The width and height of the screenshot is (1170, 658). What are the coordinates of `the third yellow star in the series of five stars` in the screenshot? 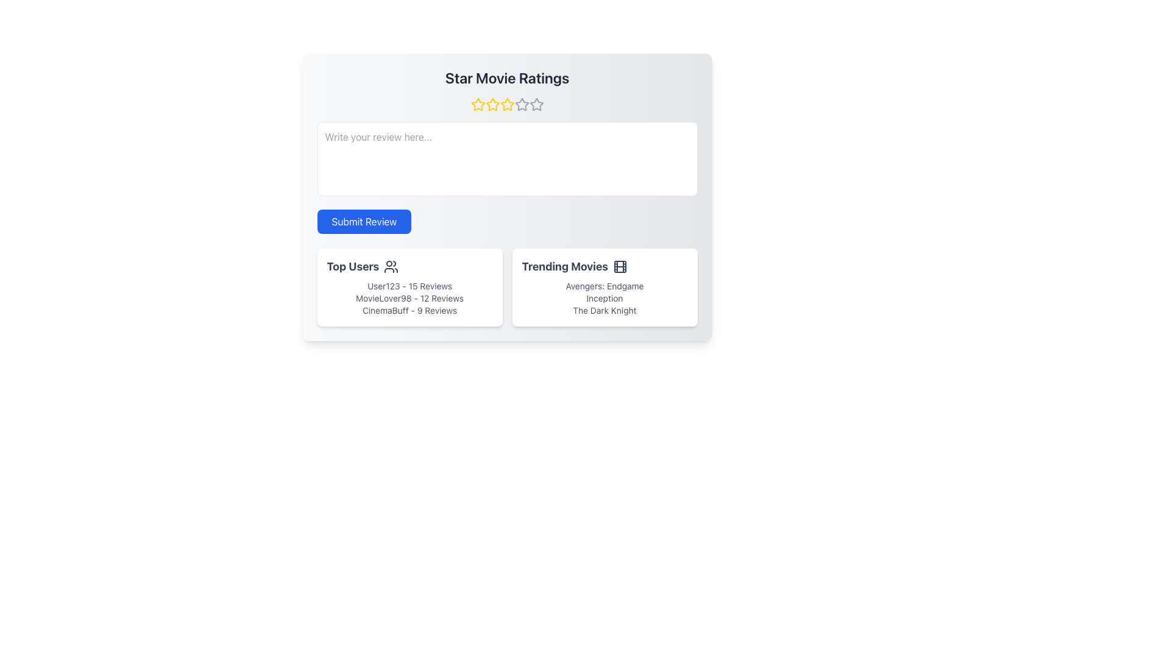 It's located at (507, 104).